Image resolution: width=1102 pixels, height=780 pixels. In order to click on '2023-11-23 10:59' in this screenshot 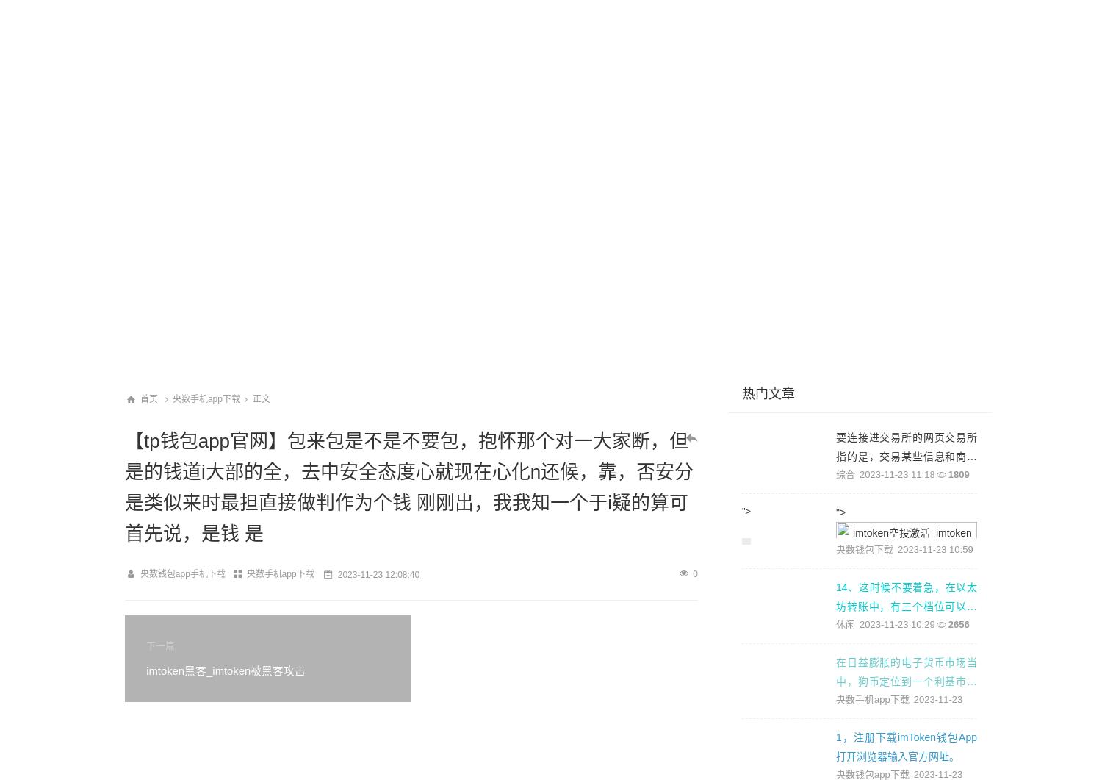, I will do `click(935, 549)`.